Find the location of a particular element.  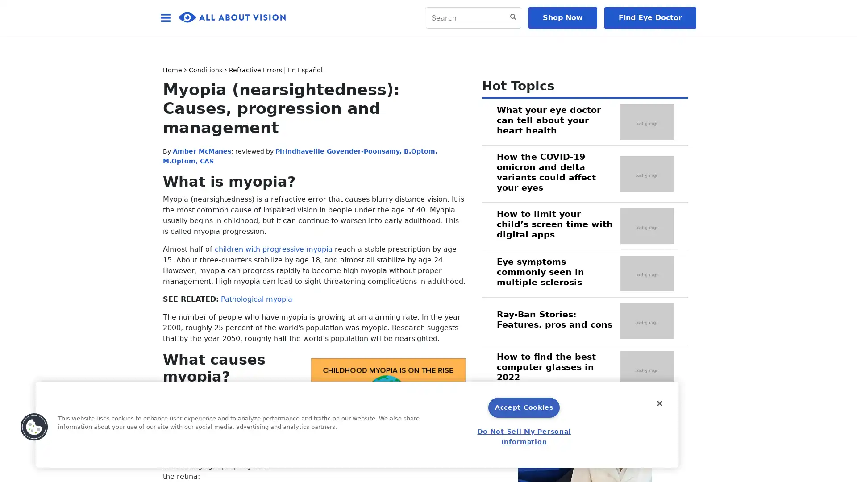

Cookies is located at coordinates (34, 426).